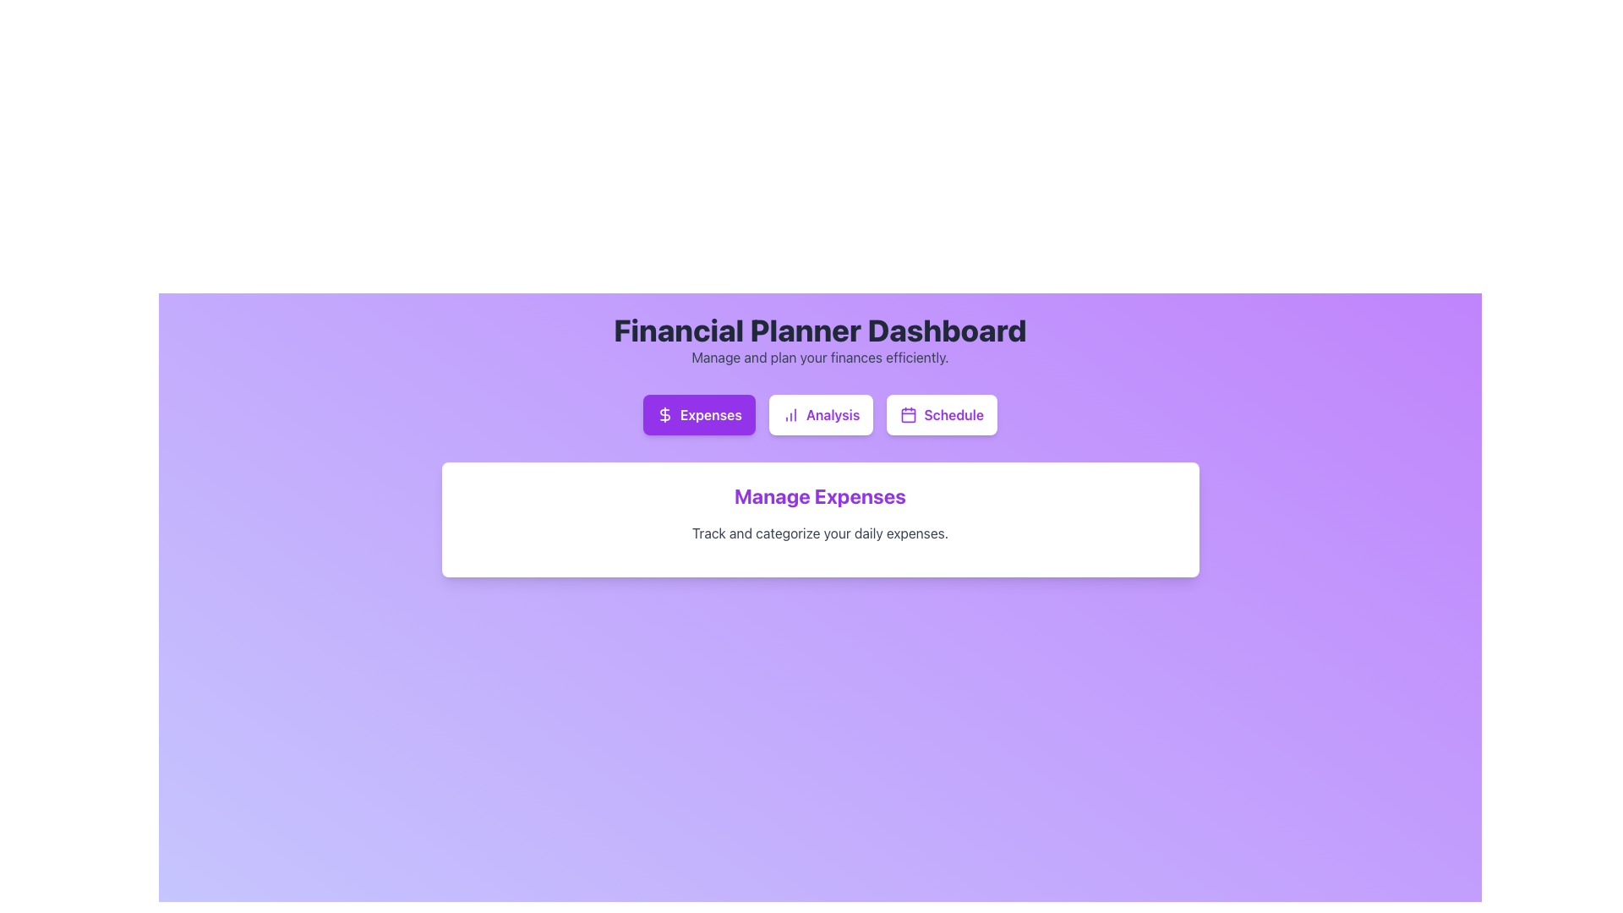  Describe the element at coordinates (821, 414) in the screenshot. I see `the button labeled 'Analysis' which has a white background and purple text, located in the middle of a navigation bar between 'Expenses' and 'Schedule'` at that location.